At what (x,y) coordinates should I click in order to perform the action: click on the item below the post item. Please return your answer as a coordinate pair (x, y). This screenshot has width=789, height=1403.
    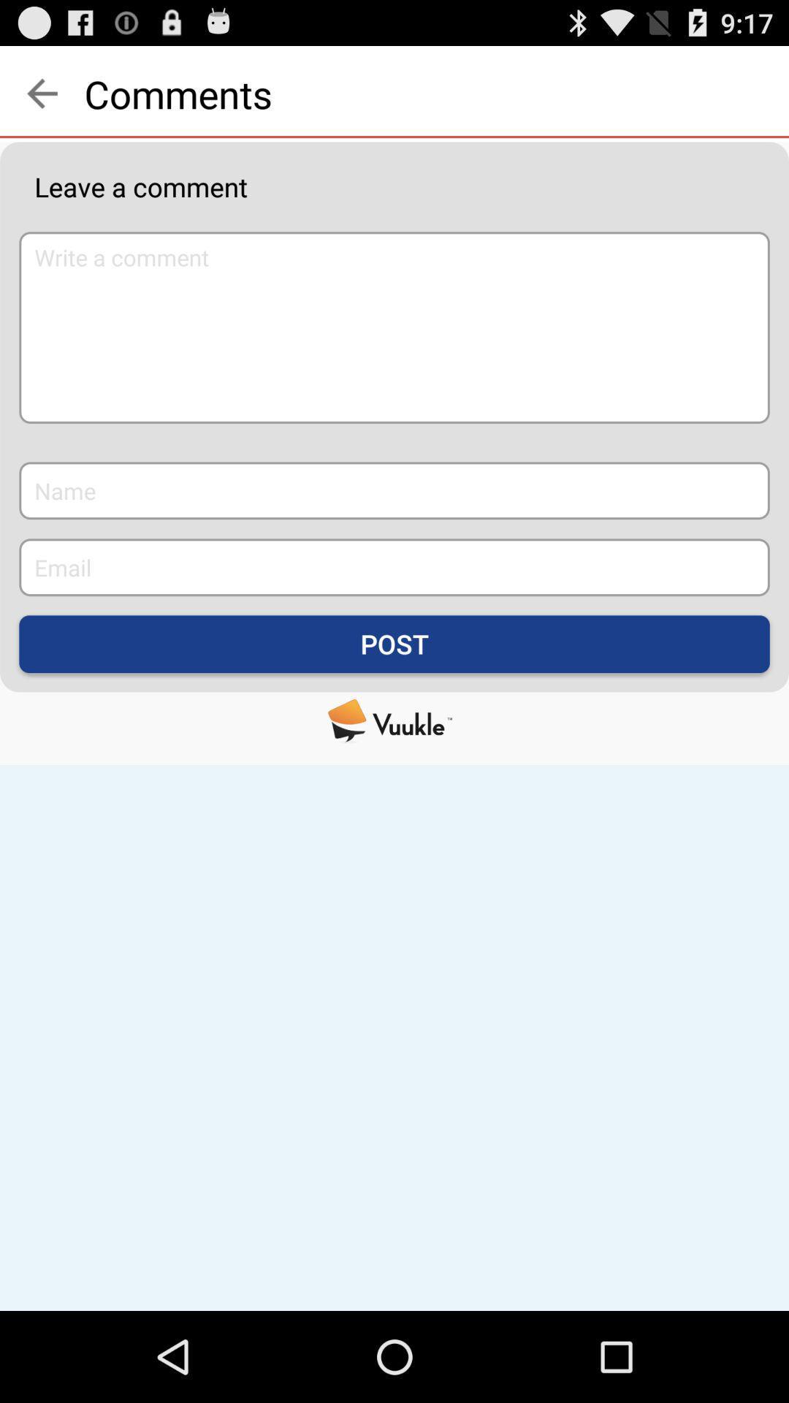
    Looking at the image, I should click on (394, 720).